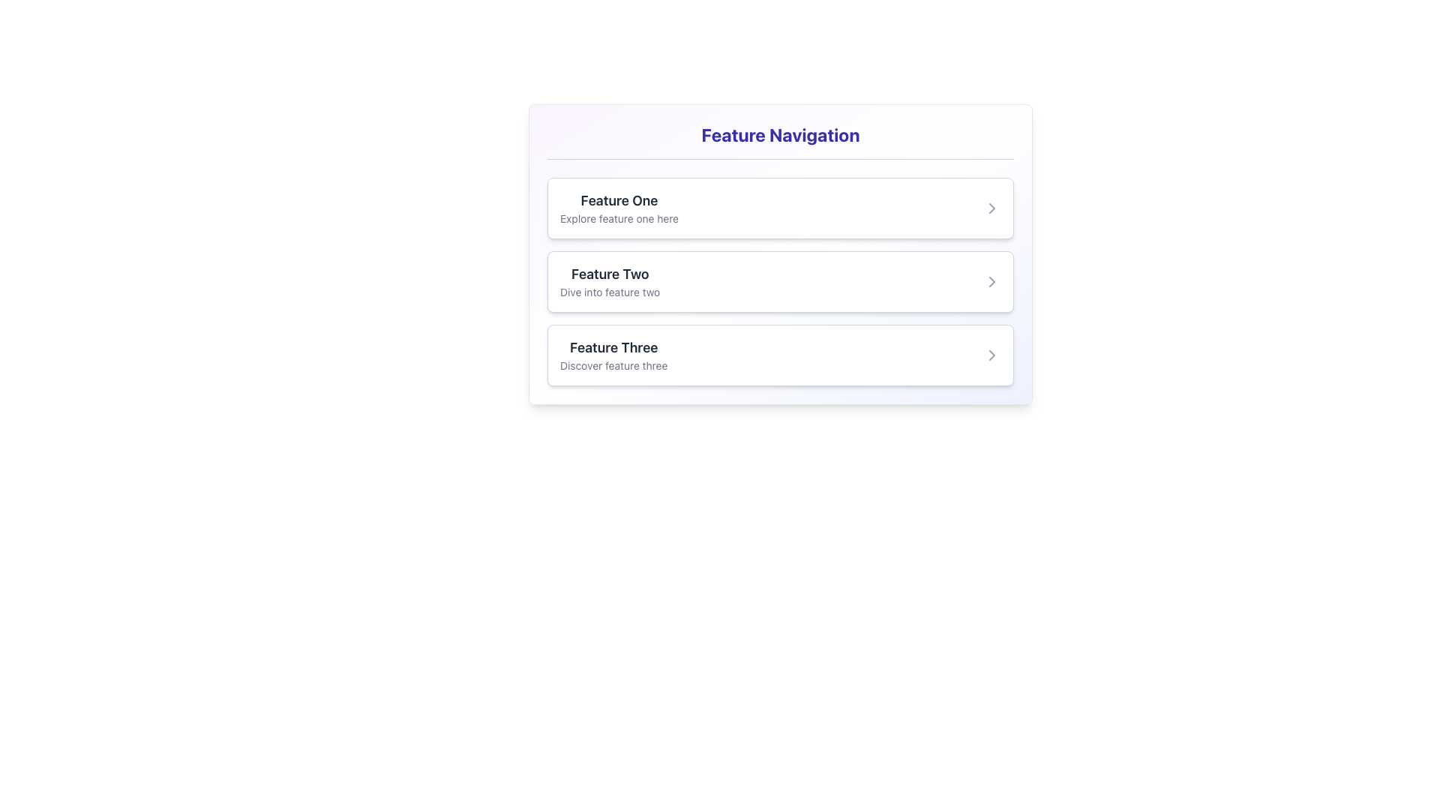 The height and width of the screenshot is (810, 1440). Describe the element at coordinates (613, 355) in the screenshot. I see `the 'Feature Three' text element, which is the main title of the third card in a vertically stacked list, located in the lower third of the layout` at that location.